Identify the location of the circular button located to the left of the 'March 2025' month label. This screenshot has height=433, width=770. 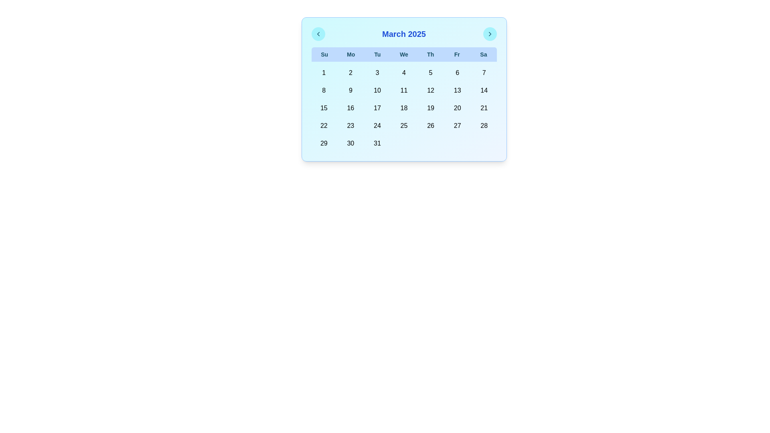
(318, 33).